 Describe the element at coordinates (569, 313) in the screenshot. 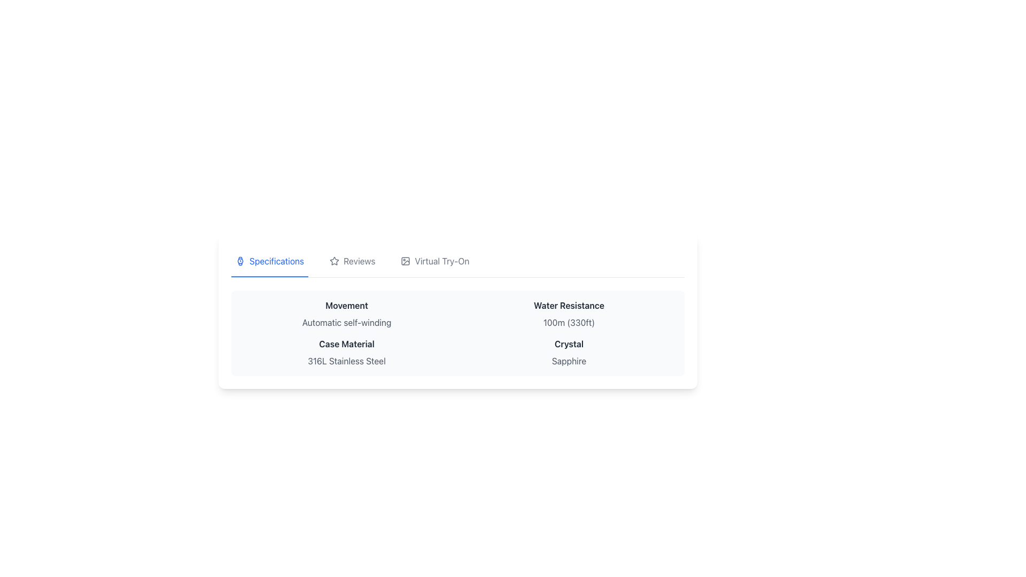

I see `the text element displaying 'Water Resistance' with the description '100m (330ft)' located in the right column, second row of the grid layout` at that location.